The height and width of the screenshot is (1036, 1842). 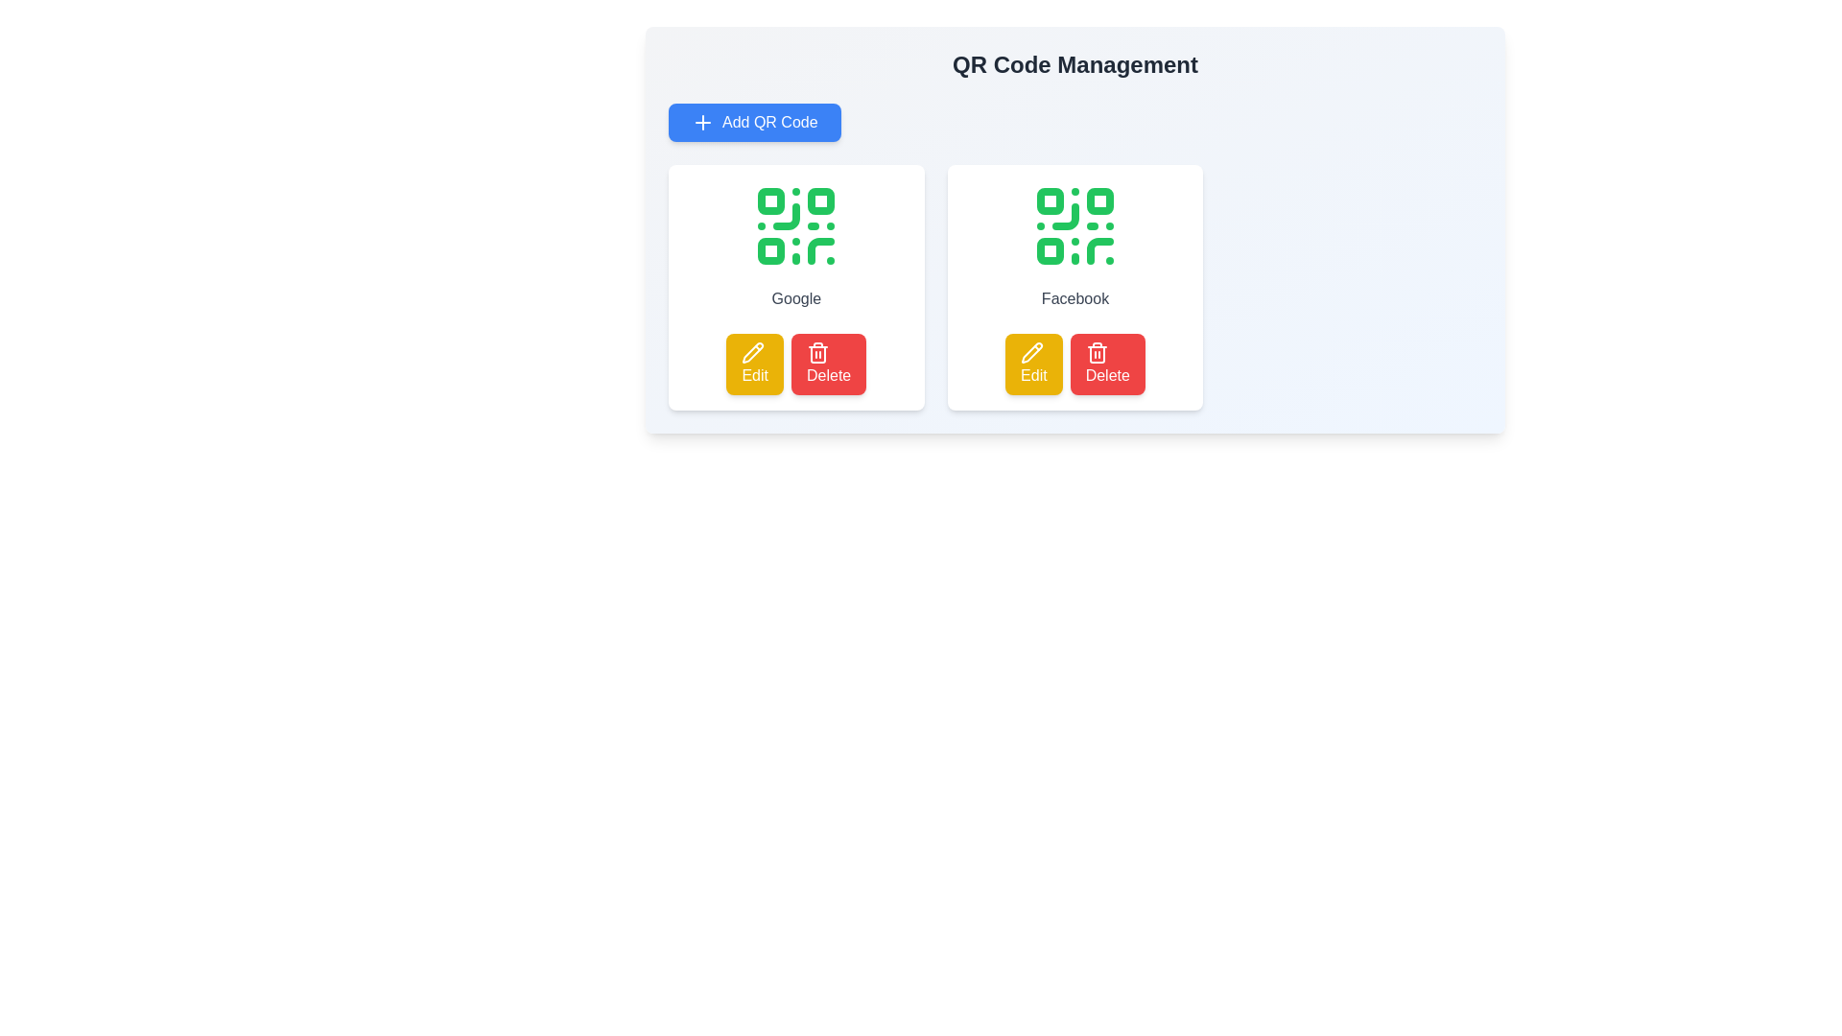 What do you see at coordinates (1031, 352) in the screenshot?
I see `the yellow pencil icon representing the 'Edit' function within the Facebook QR code card` at bounding box center [1031, 352].